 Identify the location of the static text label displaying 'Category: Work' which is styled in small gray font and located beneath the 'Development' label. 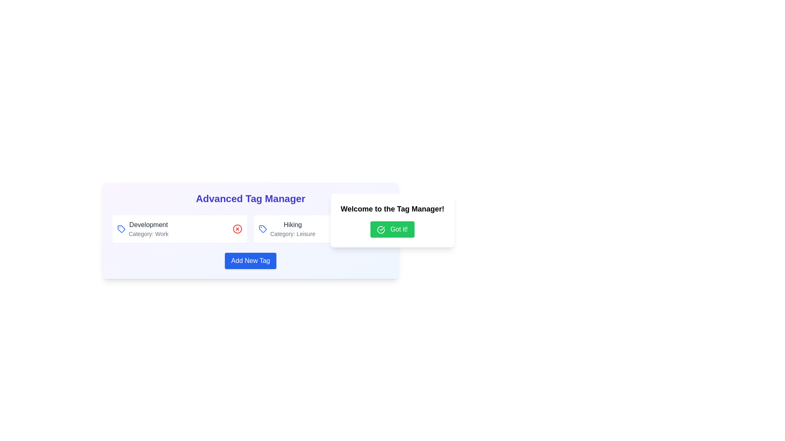
(148, 234).